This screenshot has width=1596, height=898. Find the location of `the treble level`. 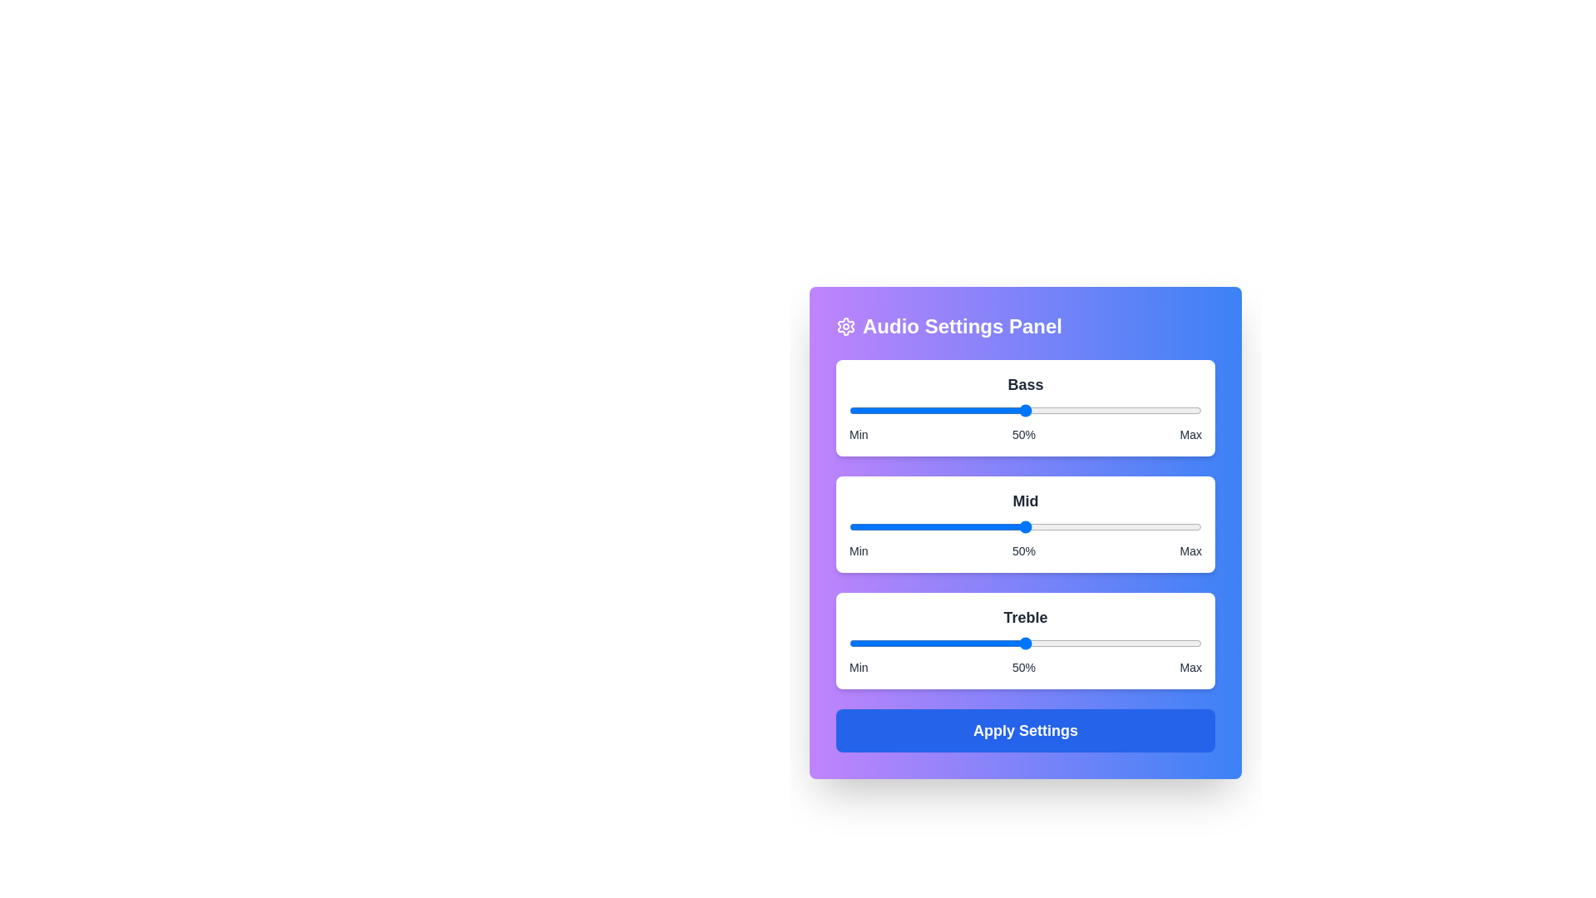

the treble level is located at coordinates (887, 643).